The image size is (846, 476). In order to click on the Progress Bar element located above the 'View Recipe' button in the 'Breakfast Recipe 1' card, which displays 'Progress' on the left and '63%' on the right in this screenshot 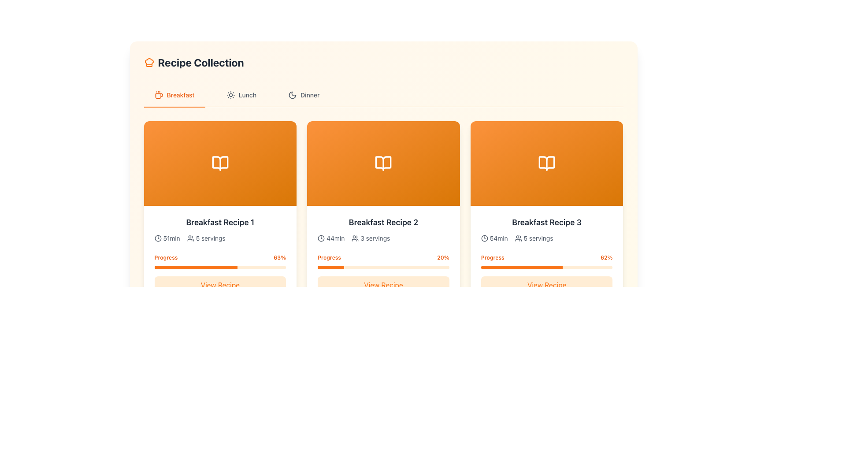, I will do `click(220, 267)`.